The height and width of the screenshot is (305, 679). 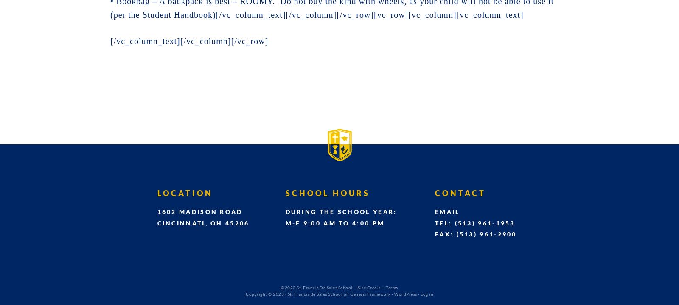 I want to click on 'WordPress', so click(x=405, y=293).